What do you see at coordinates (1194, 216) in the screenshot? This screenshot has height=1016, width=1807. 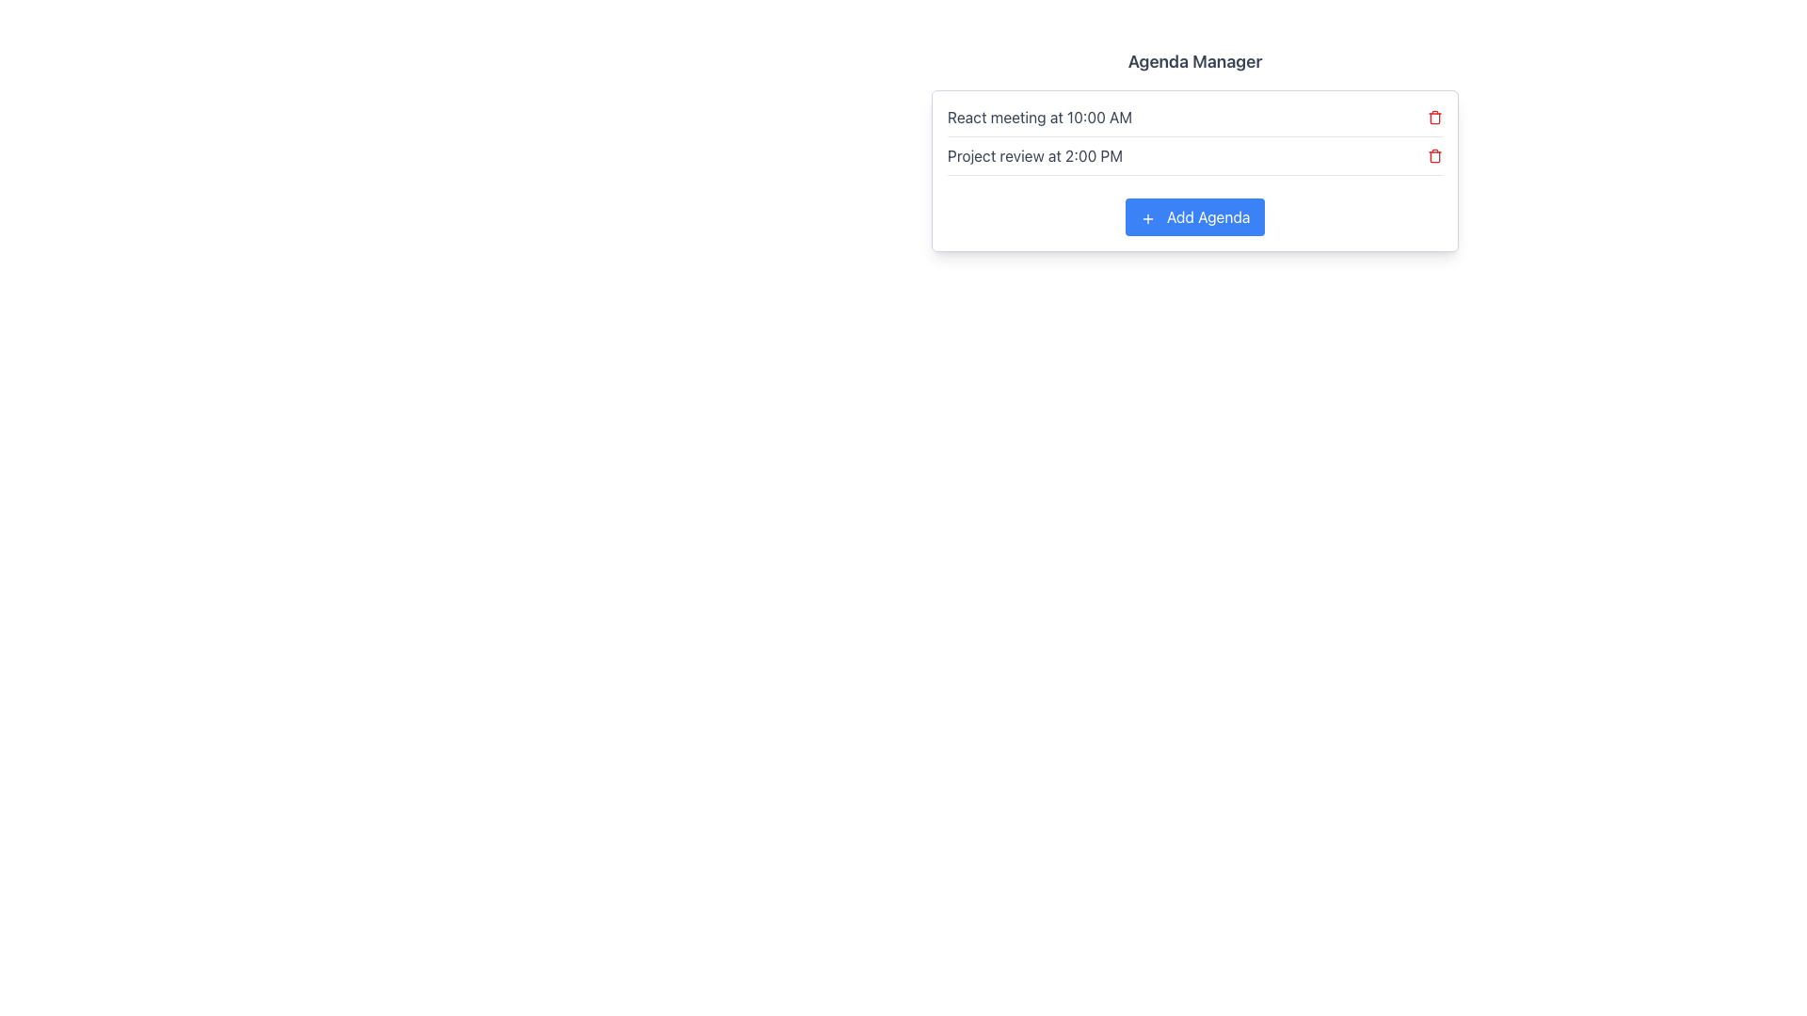 I see `the button that allows users to add a new agenda entry, located at the bottom of a white card, to change its background color` at bounding box center [1194, 216].